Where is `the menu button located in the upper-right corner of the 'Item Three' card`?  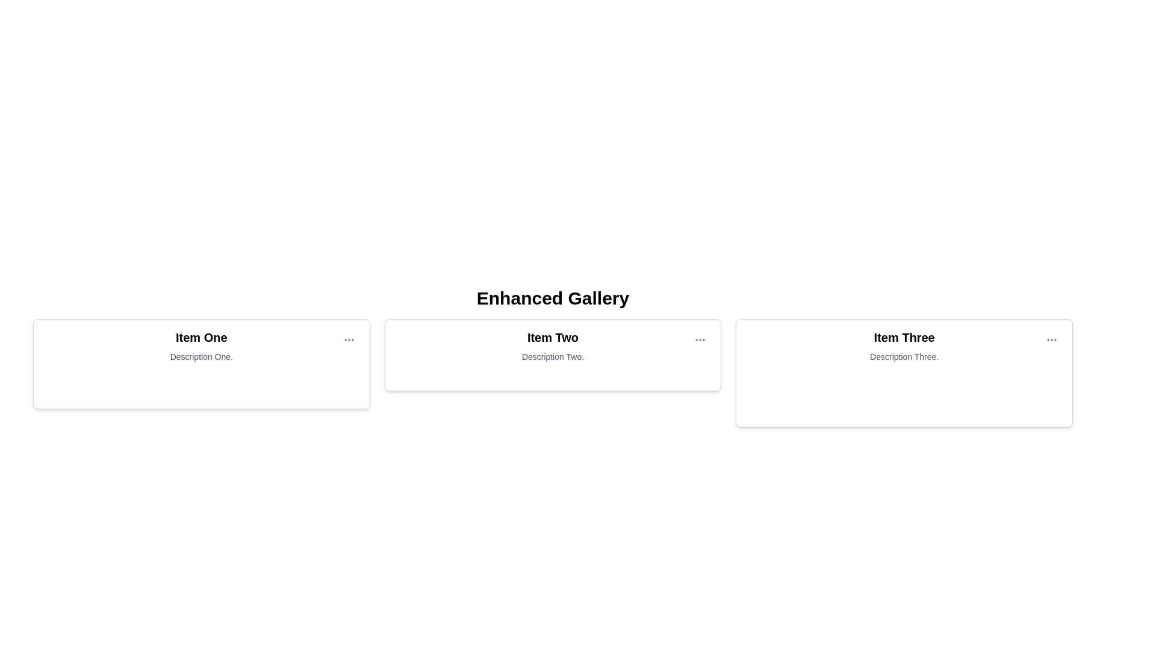
the menu button located in the upper-right corner of the 'Item Three' card is located at coordinates (1051, 339).